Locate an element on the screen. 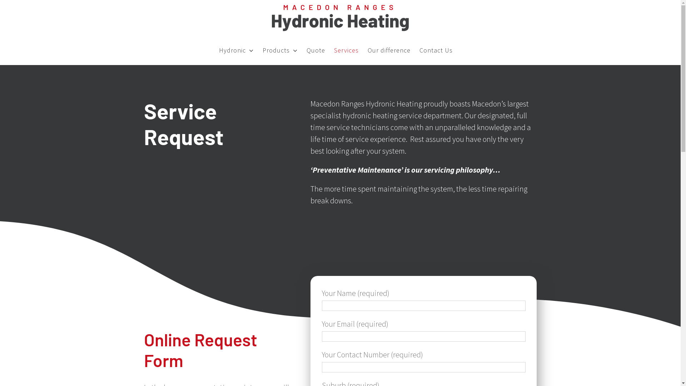 The height and width of the screenshot is (386, 686). 'Quote' is located at coordinates (315, 50).